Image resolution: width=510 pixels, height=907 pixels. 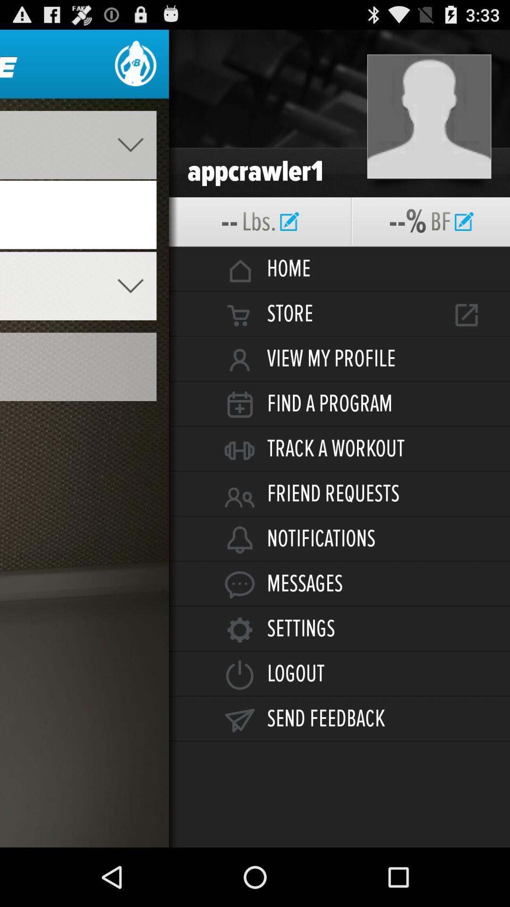 I want to click on the edit icon, so click(x=289, y=237).